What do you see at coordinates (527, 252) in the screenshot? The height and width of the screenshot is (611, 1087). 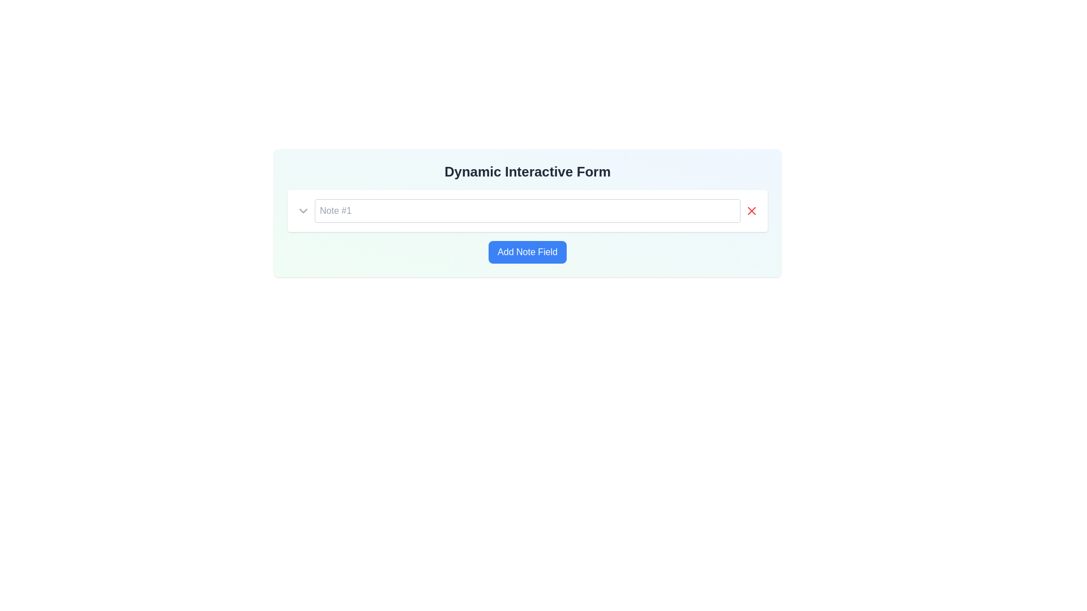 I see `the blue button with rounded corners labeled 'Add Note Field'` at bounding box center [527, 252].